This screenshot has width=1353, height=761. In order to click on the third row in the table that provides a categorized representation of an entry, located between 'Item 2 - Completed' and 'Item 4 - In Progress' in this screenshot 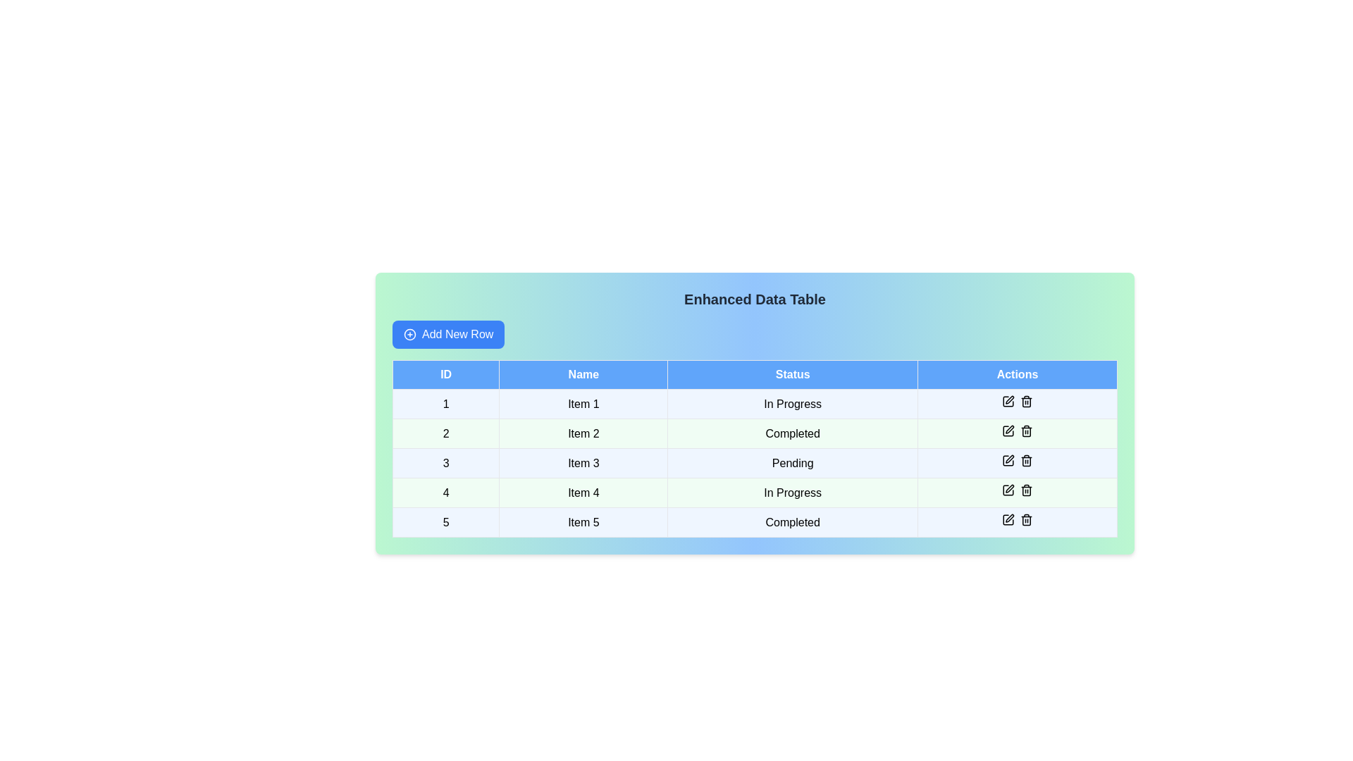, I will do `click(754, 463)`.